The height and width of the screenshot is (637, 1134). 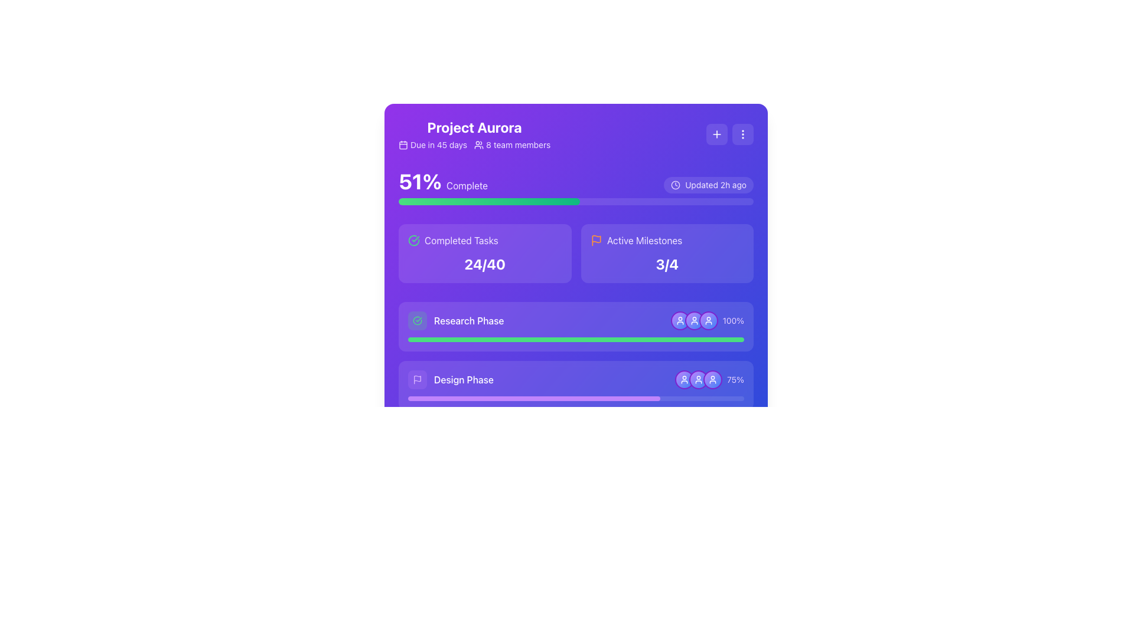 I want to click on the progress bar indicating the completion of the 'Research Phase', located below the '100%' text and above the 'Design Phase' text, so click(x=576, y=339).